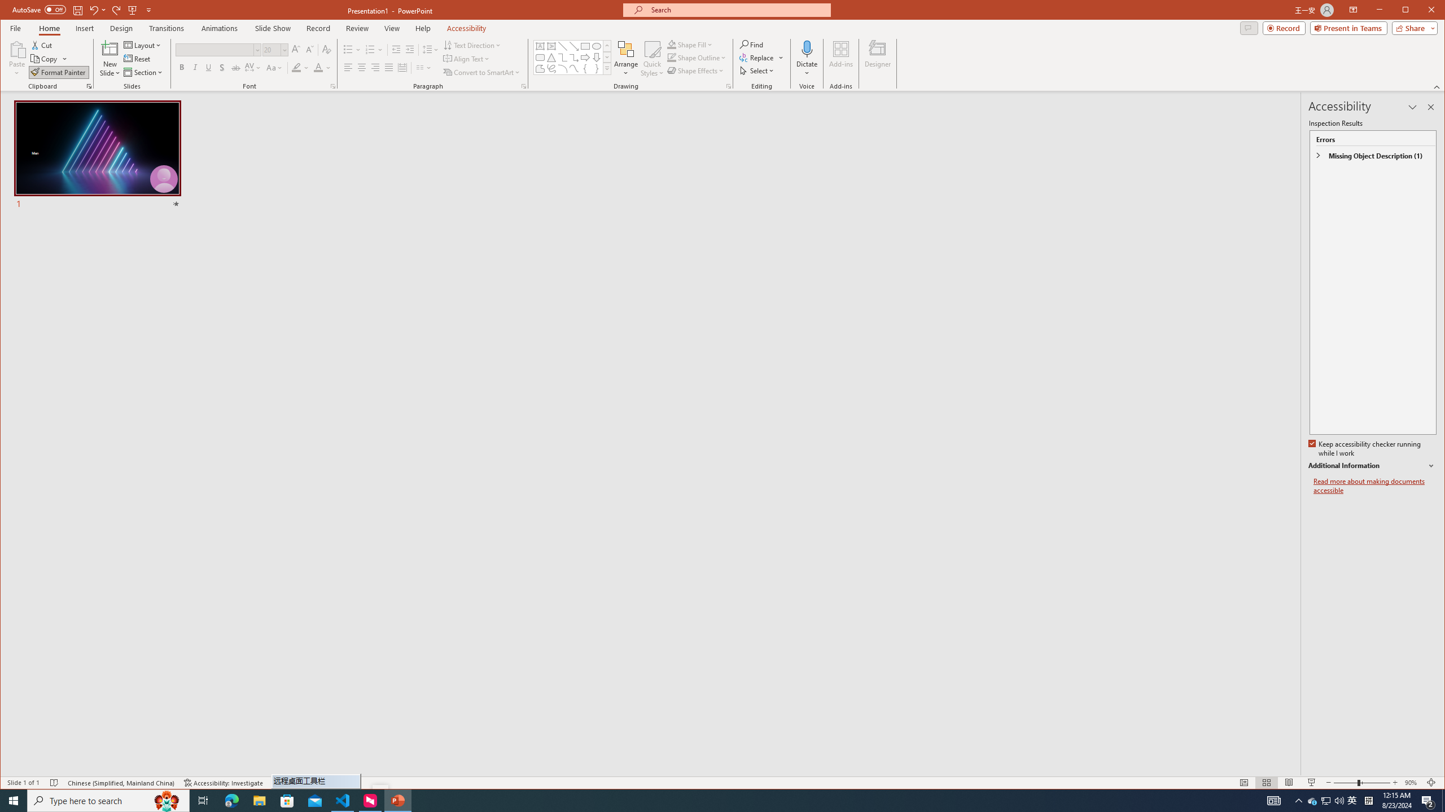 The image size is (1445, 812). What do you see at coordinates (672, 44) in the screenshot?
I see `'Shape Fill Orange, Accent 2'` at bounding box center [672, 44].